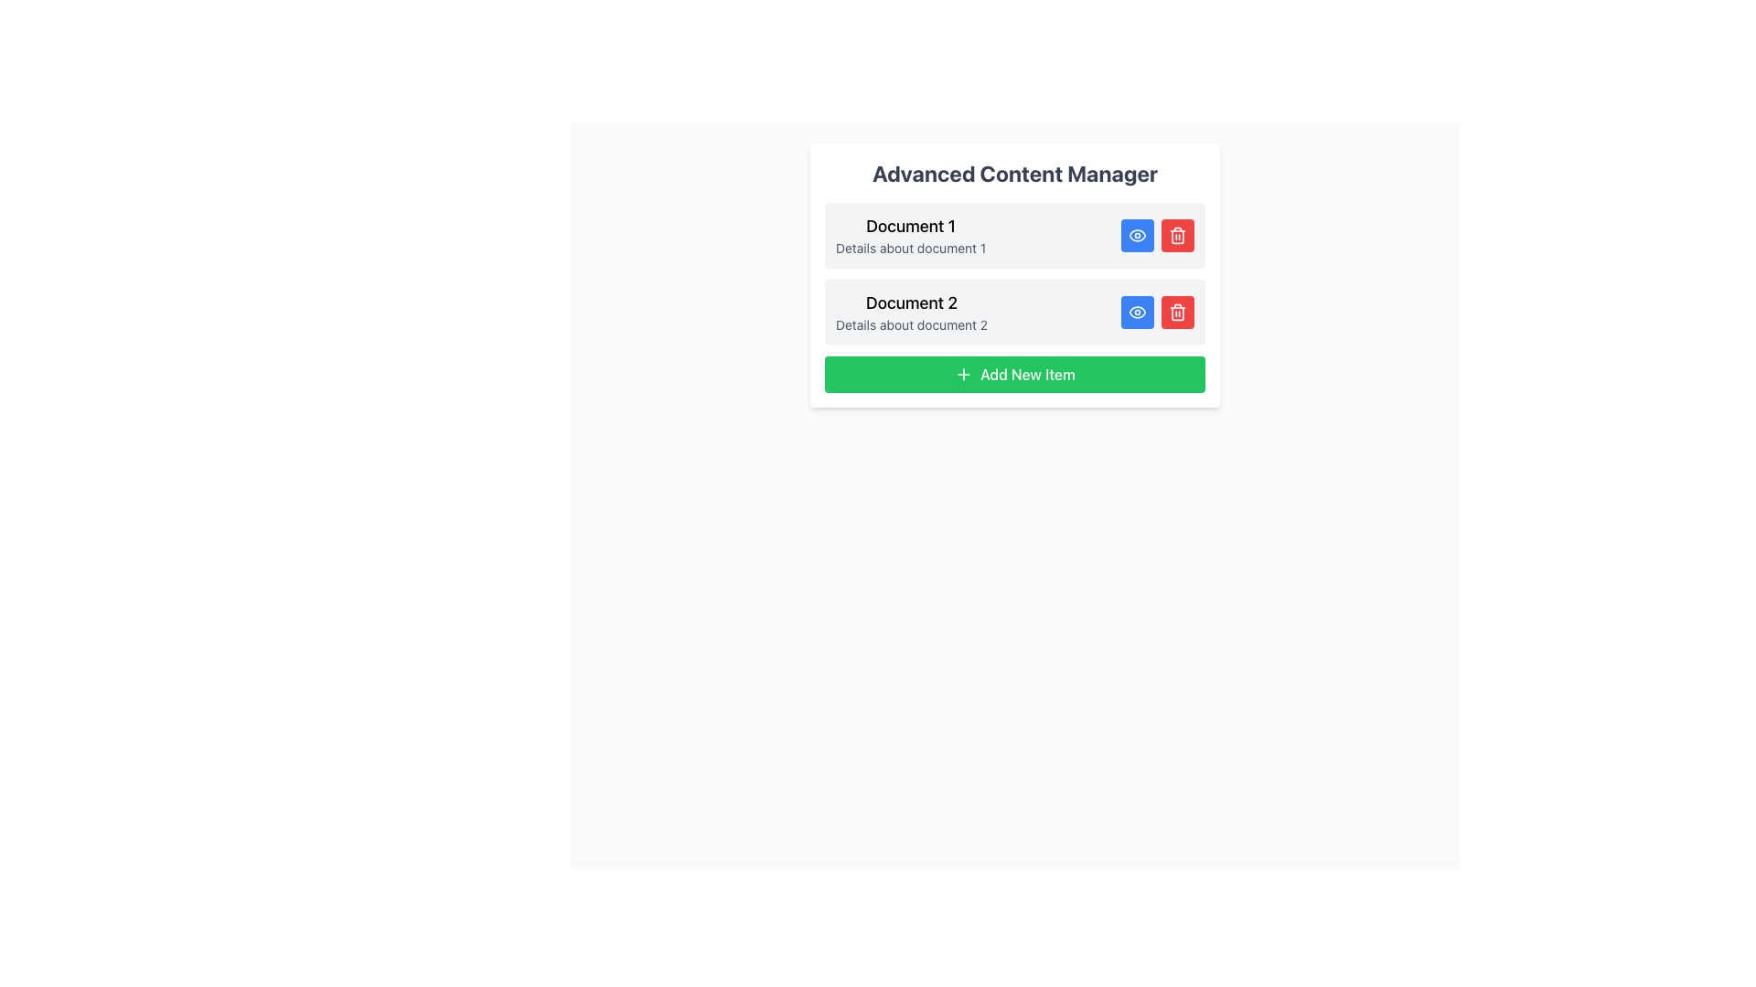 The width and height of the screenshot is (1756, 987). What do you see at coordinates (1177, 235) in the screenshot?
I see `the red button with a trash can icon, which is the second button from the right in the group of buttons` at bounding box center [1177, 235].